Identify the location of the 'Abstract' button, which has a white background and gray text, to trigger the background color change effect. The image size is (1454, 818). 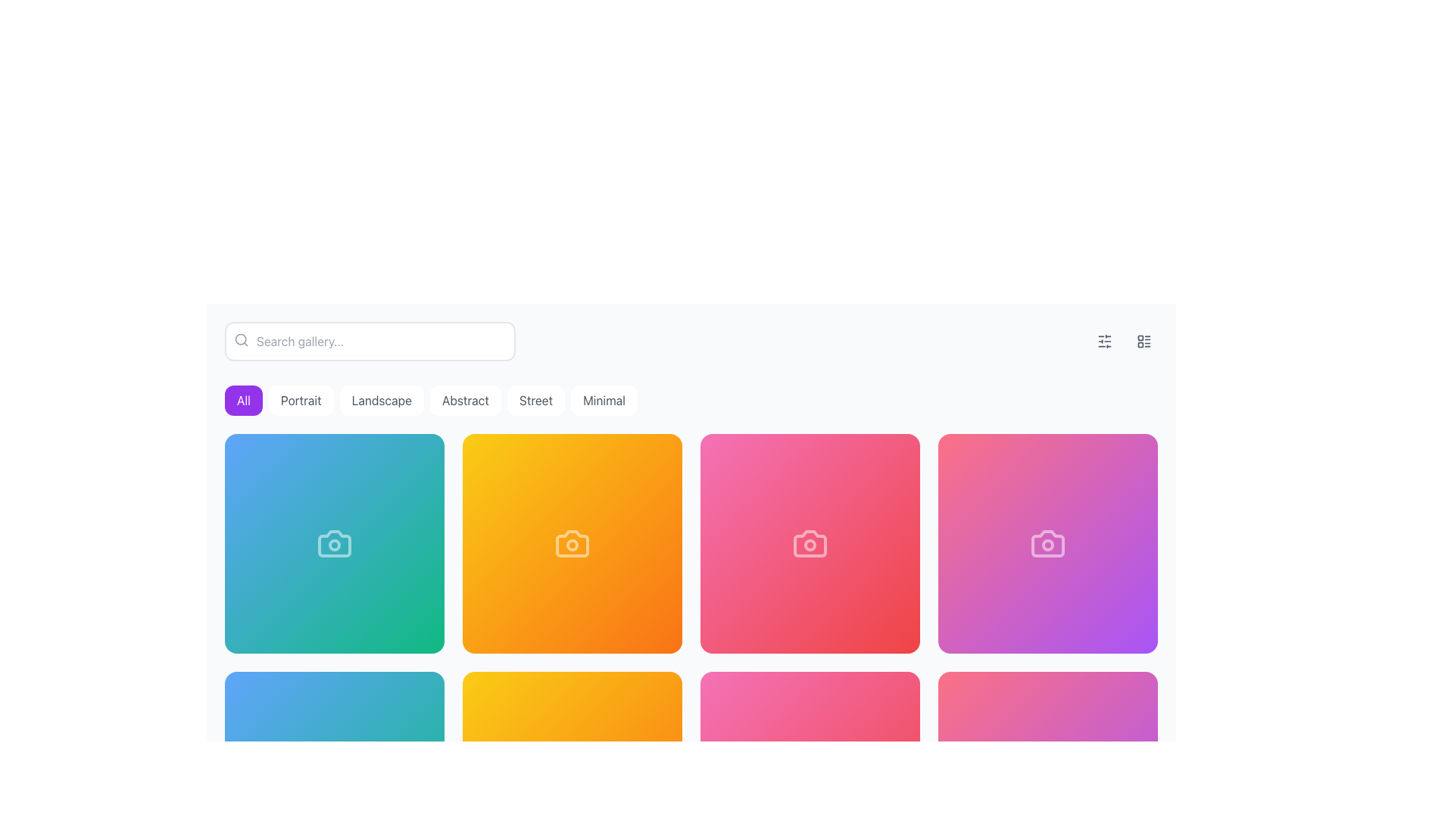
(464, 399).